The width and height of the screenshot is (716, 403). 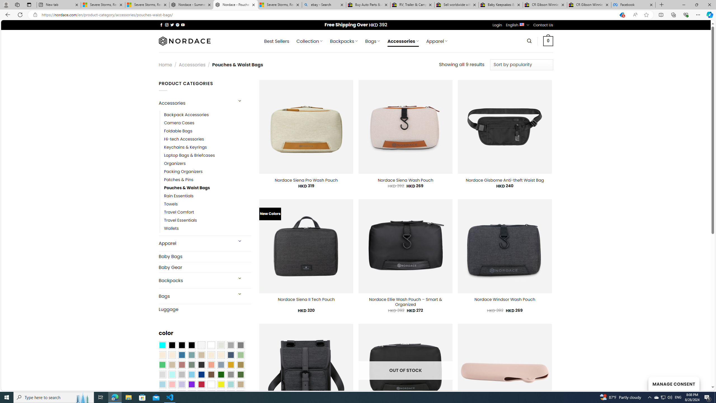 What do you see at coordinates (207, 147) in the screenshot?
I see `'Keychains & Keyrings'` at bounding box center [207, 147].